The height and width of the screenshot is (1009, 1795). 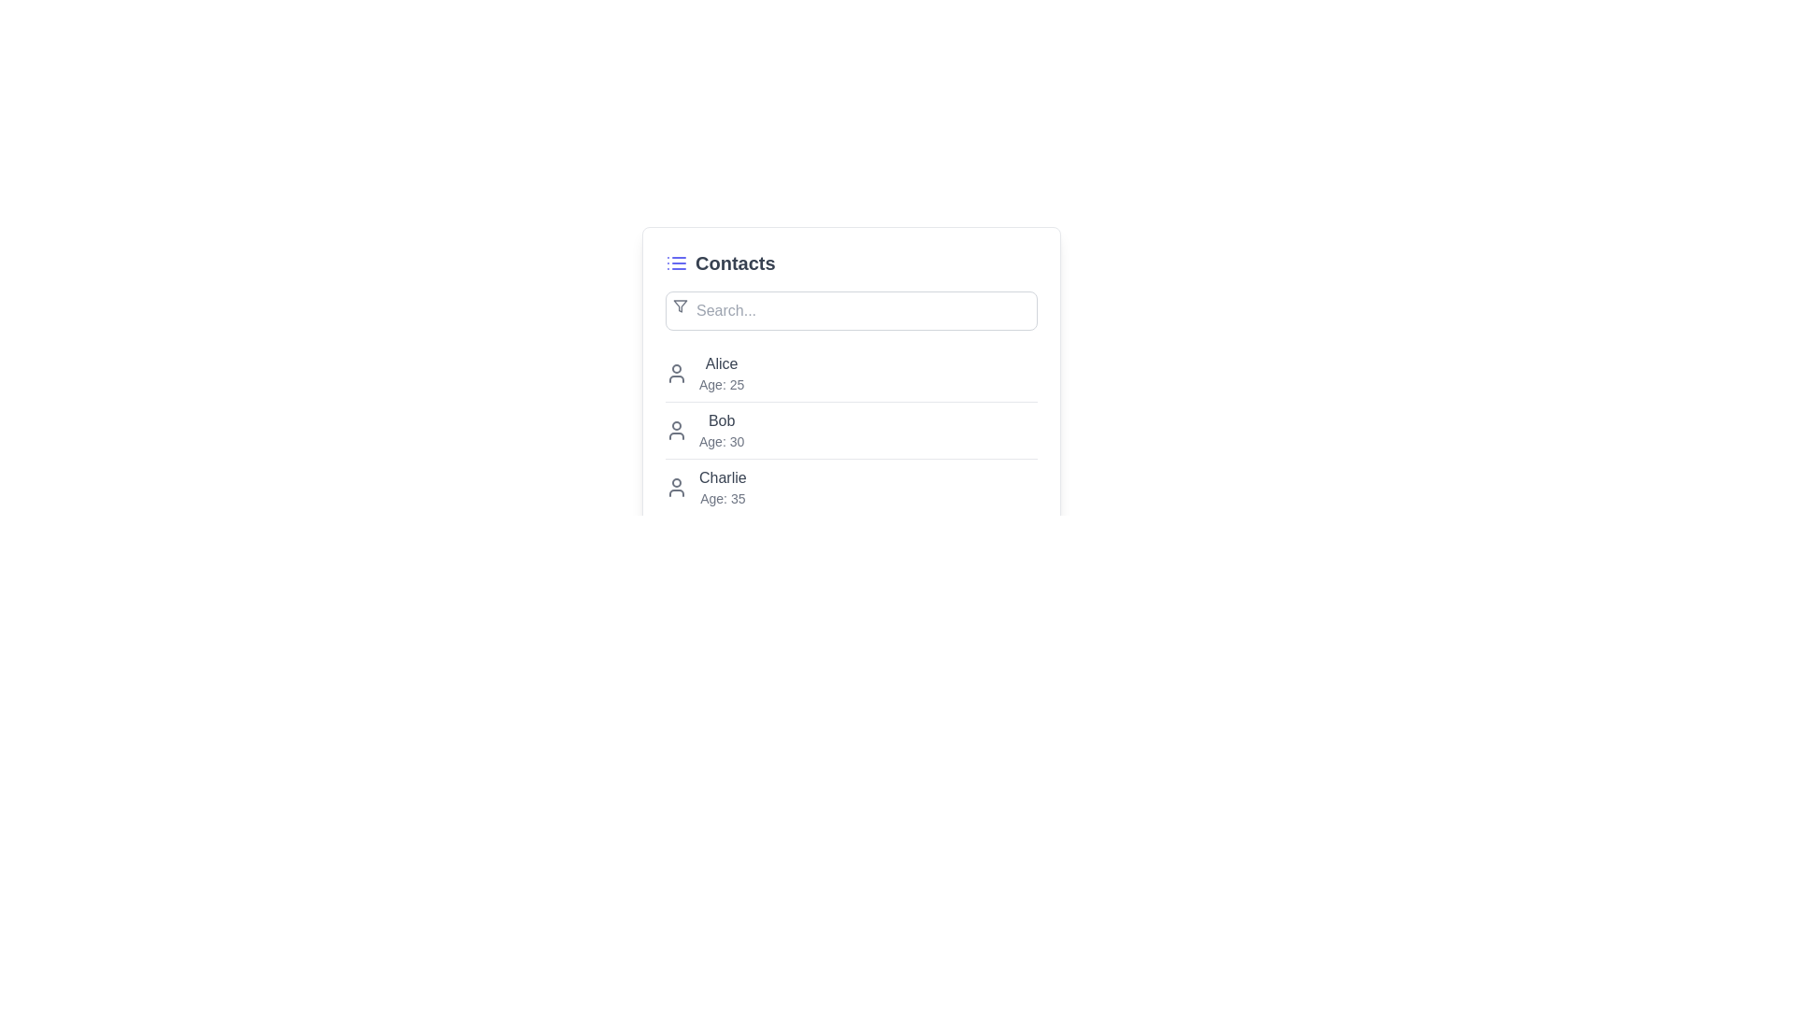 I want to click on the profile icon representing 'Bob' in the contact list, which is located to the left of the text 'Bob' and 'Age: 30', so click(x=676, y=431).